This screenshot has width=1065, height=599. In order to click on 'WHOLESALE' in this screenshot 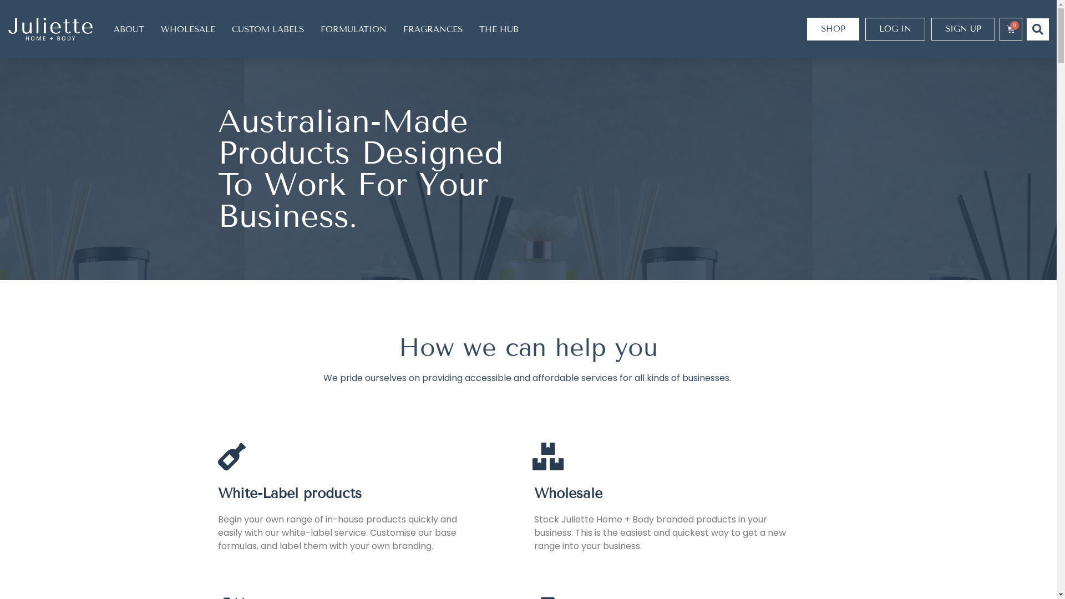, I will do `click(188, 28)`.